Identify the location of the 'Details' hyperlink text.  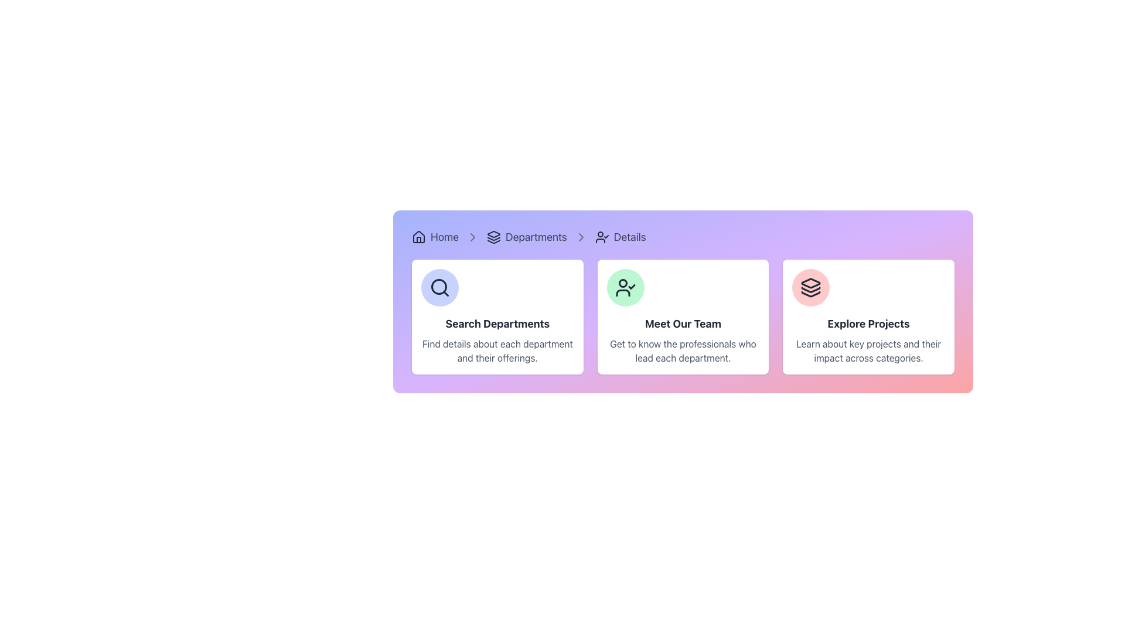
(629, 237).